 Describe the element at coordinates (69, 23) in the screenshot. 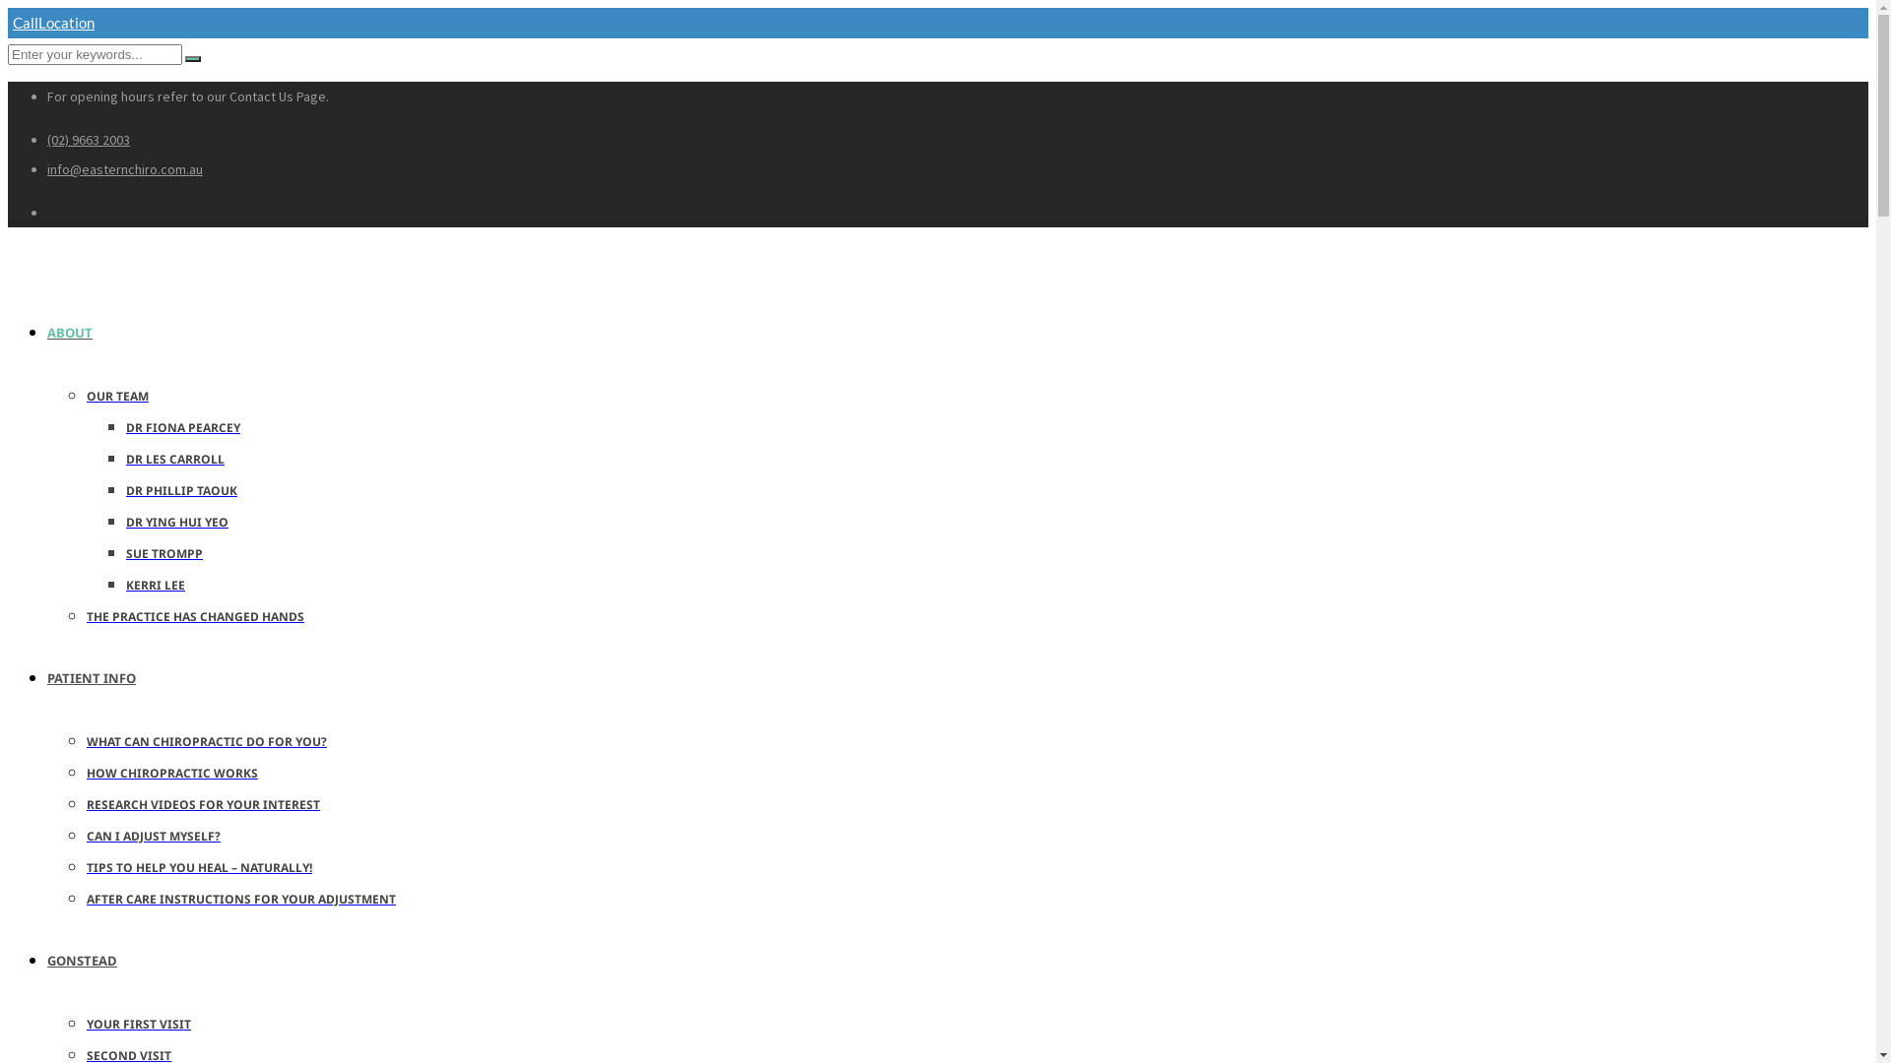

I see `'Location'` at that location.